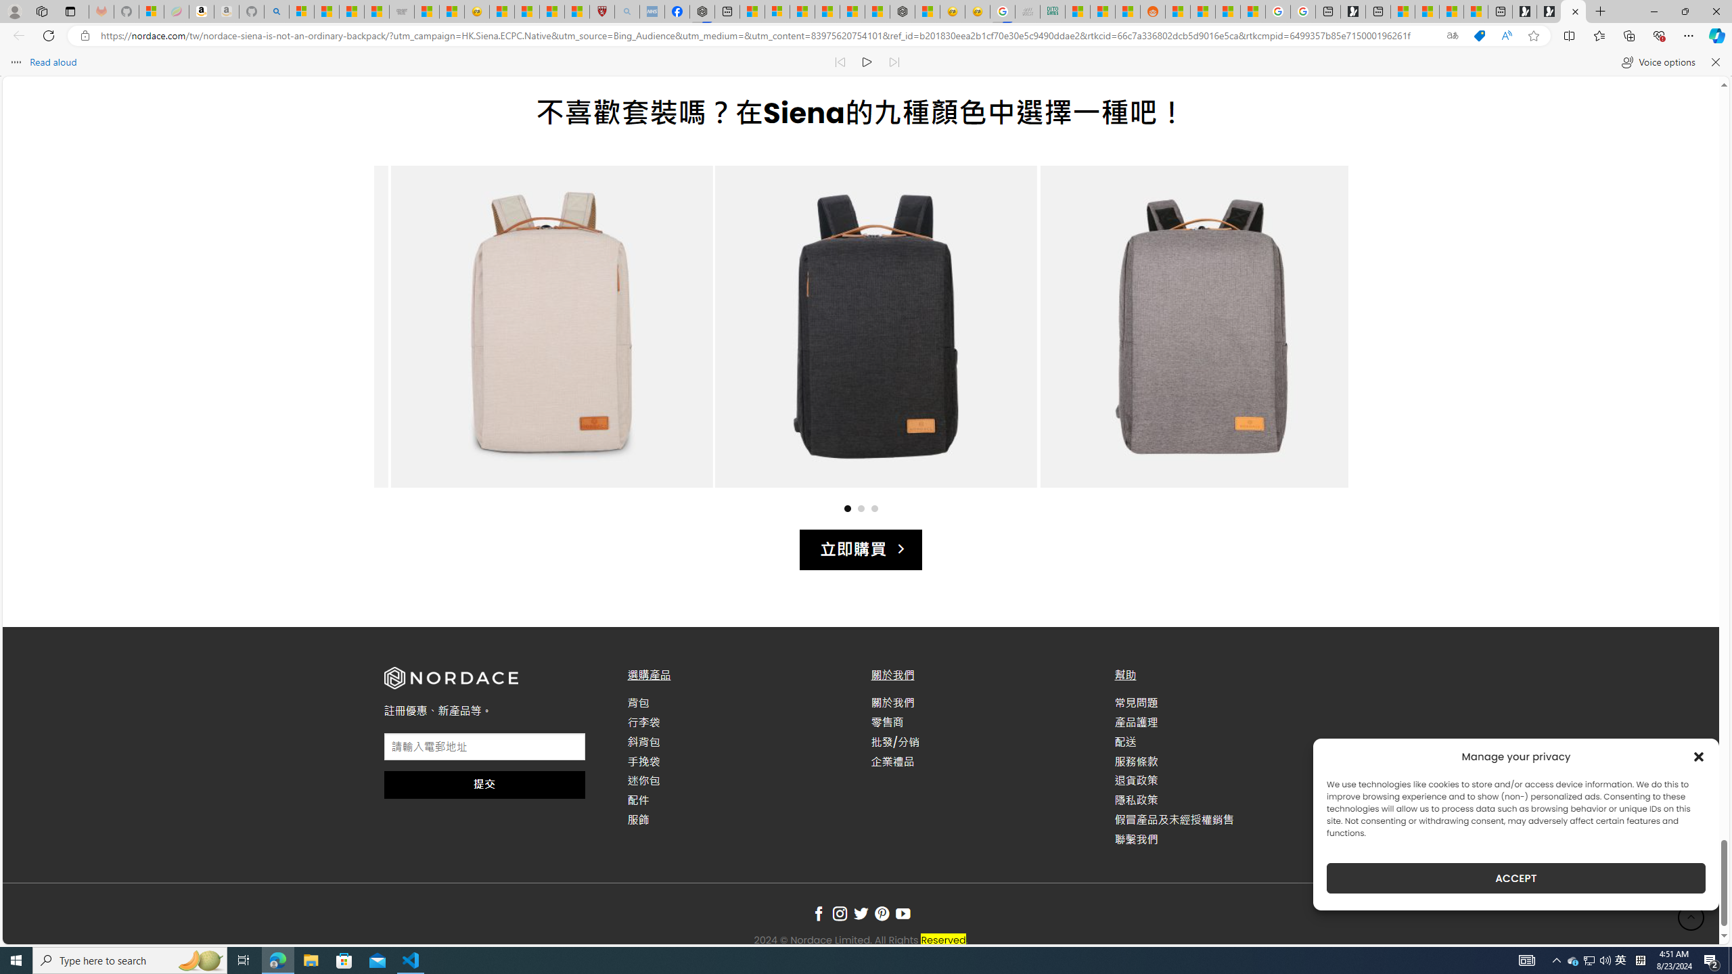 This screenshot has width=1732, height=974. What do you see at coordinates (903, 914) in the screenshot?
I see `'Follow on YouTube'` at bounding box center [903, 914].